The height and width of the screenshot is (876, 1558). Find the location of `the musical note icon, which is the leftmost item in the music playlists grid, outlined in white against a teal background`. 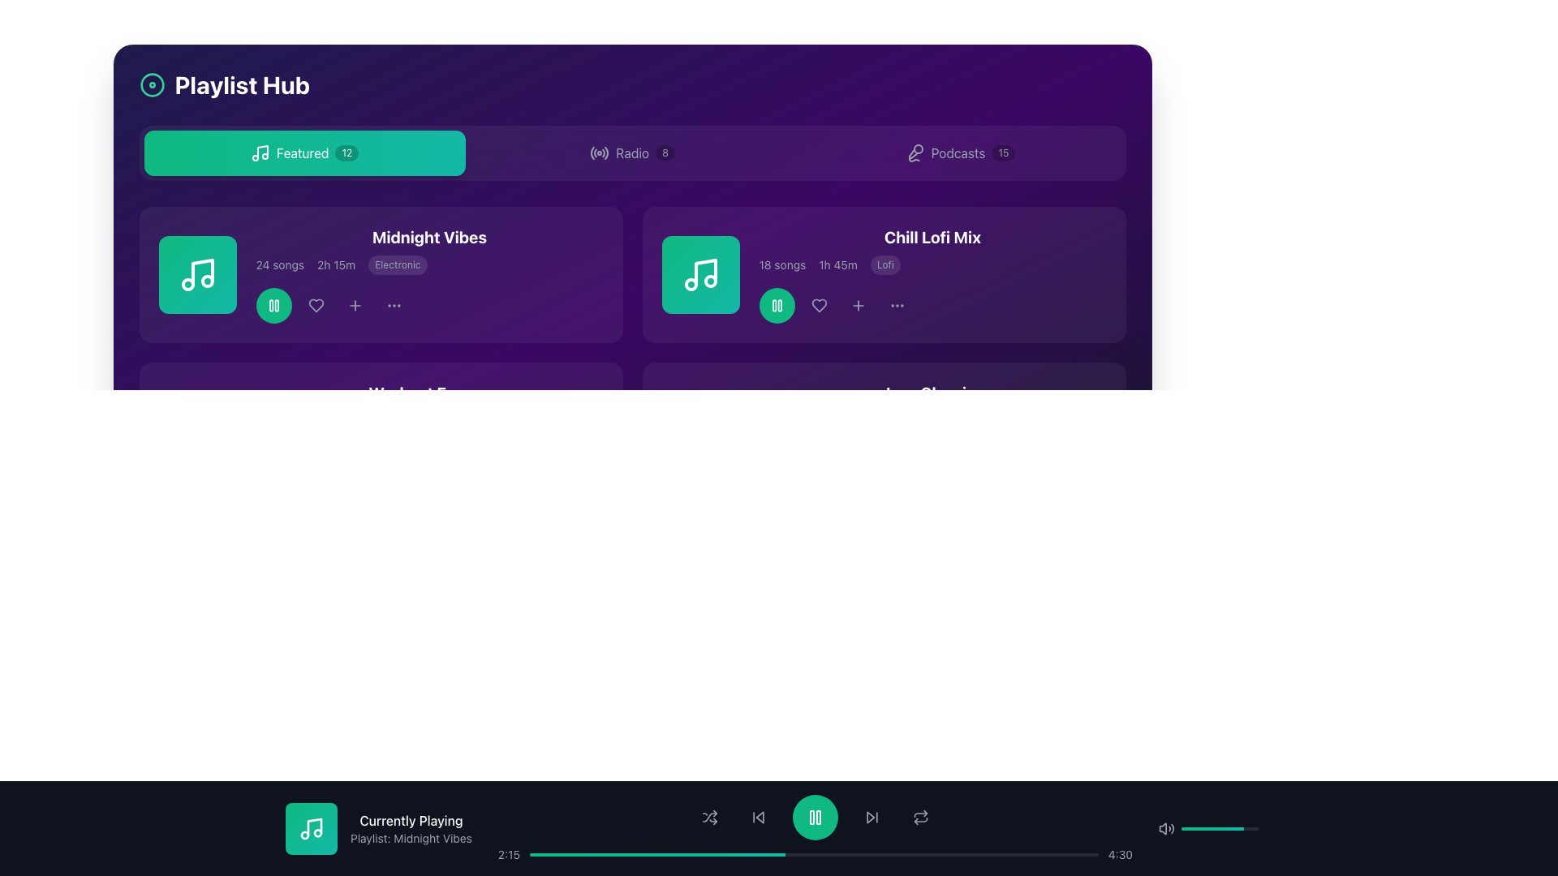

the musical note icon, which is the leftmost item in the music playlists grid, outlined in white against a teal background is located at coordinates (196, 274).